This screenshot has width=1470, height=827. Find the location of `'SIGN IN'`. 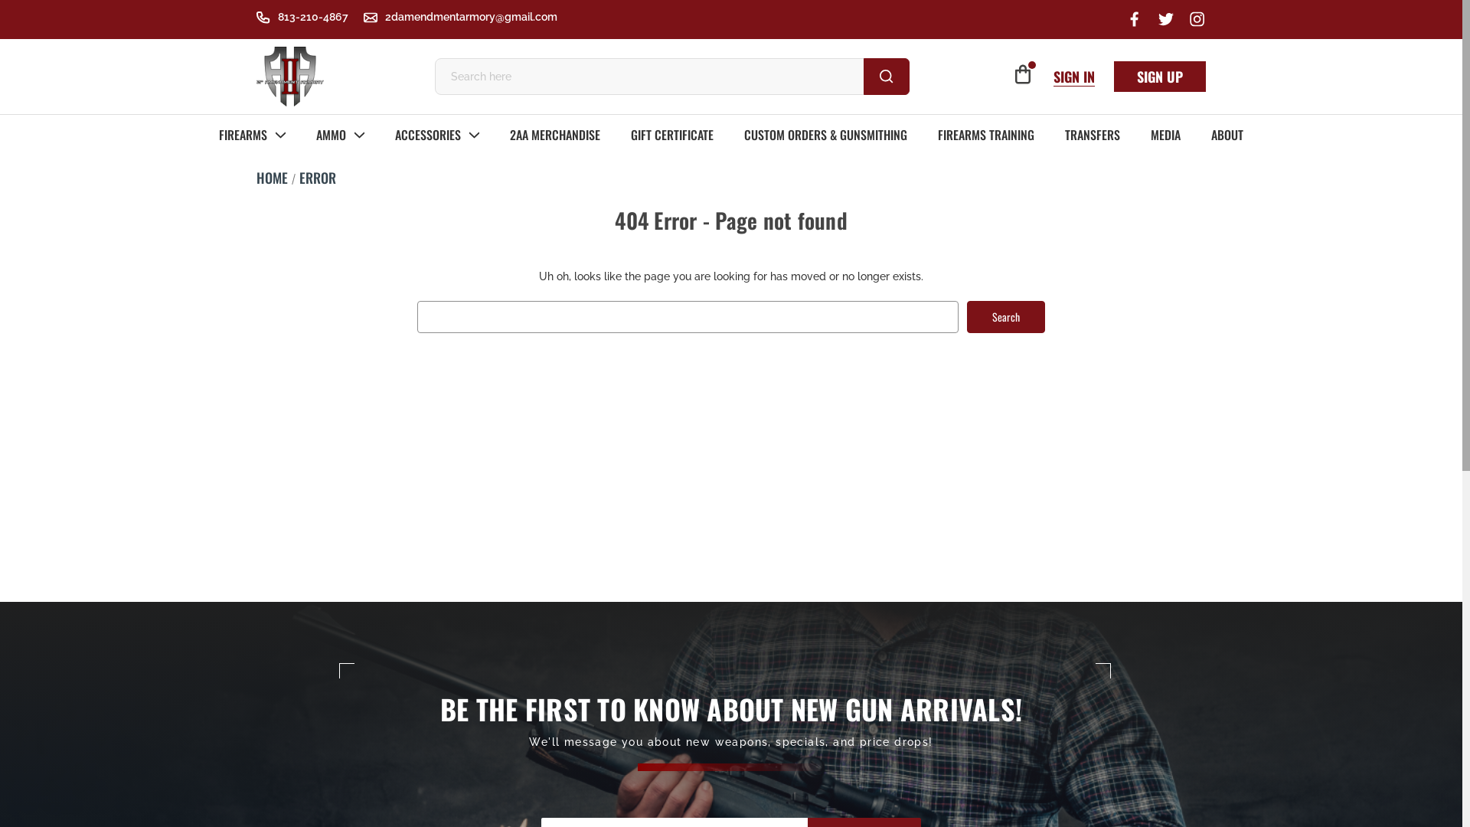

'SIGN IN' is located at coordinates (1053, 77).